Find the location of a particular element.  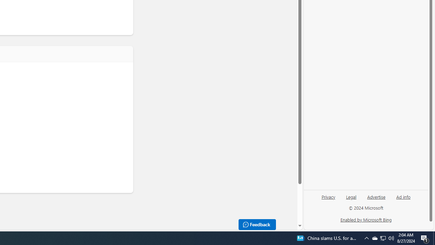

'Legal' is located at coordinates (351, 196).